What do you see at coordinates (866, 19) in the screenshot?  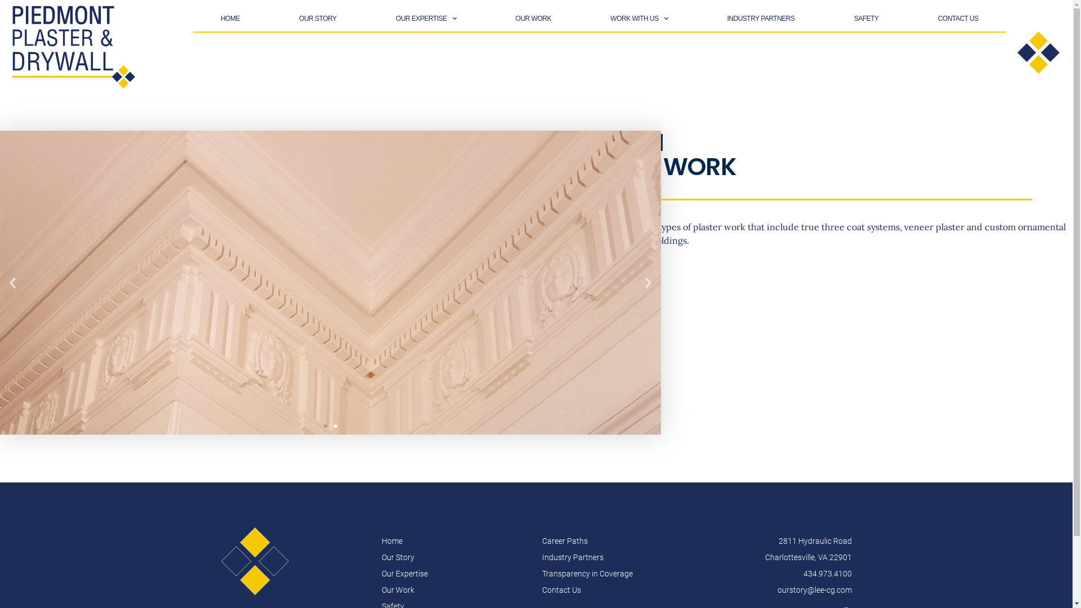 I see `'SAFETY'` at bounding box center [866, 19].